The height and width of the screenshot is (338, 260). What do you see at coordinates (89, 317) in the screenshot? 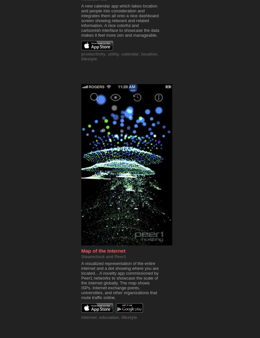
I see `'internet'` at bounding box center [89, 317].